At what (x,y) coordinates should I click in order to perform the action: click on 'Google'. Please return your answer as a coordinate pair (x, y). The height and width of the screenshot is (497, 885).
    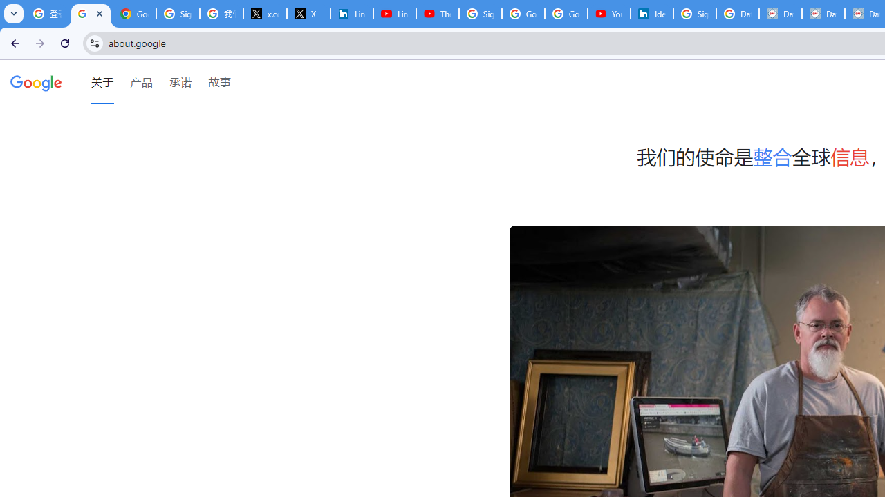
    Looking at the image, I should click on (36, 82).